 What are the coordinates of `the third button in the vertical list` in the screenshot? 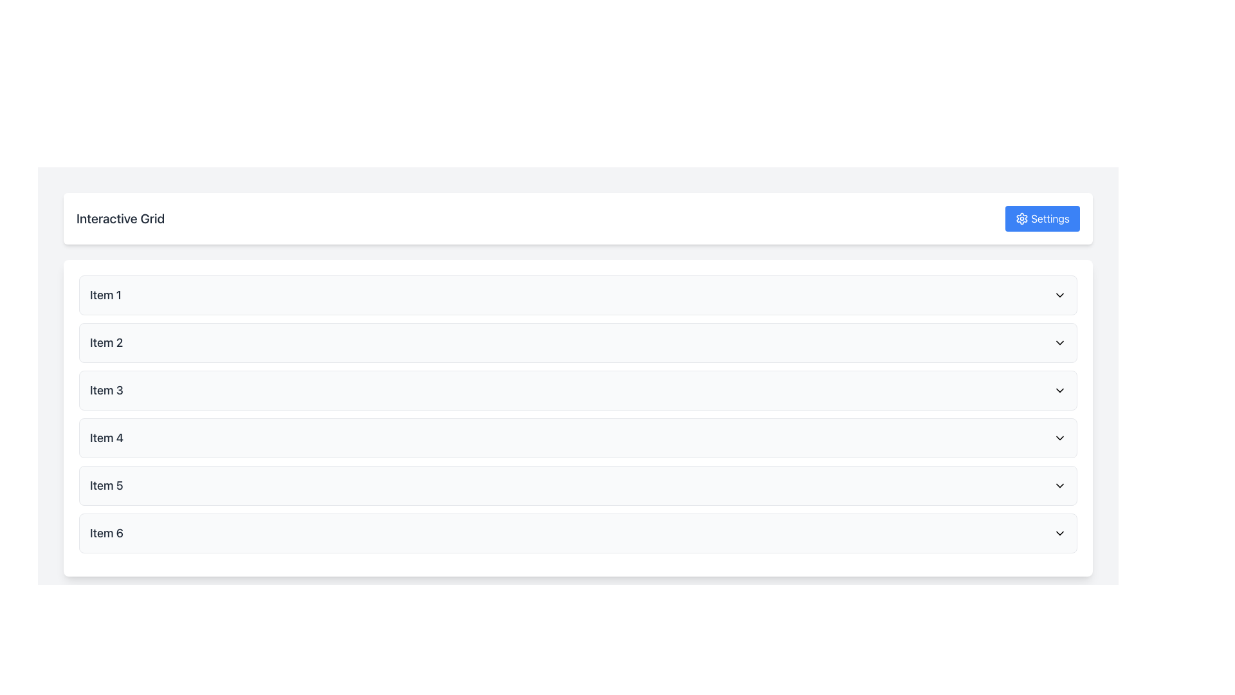 It's located at (577, 389).